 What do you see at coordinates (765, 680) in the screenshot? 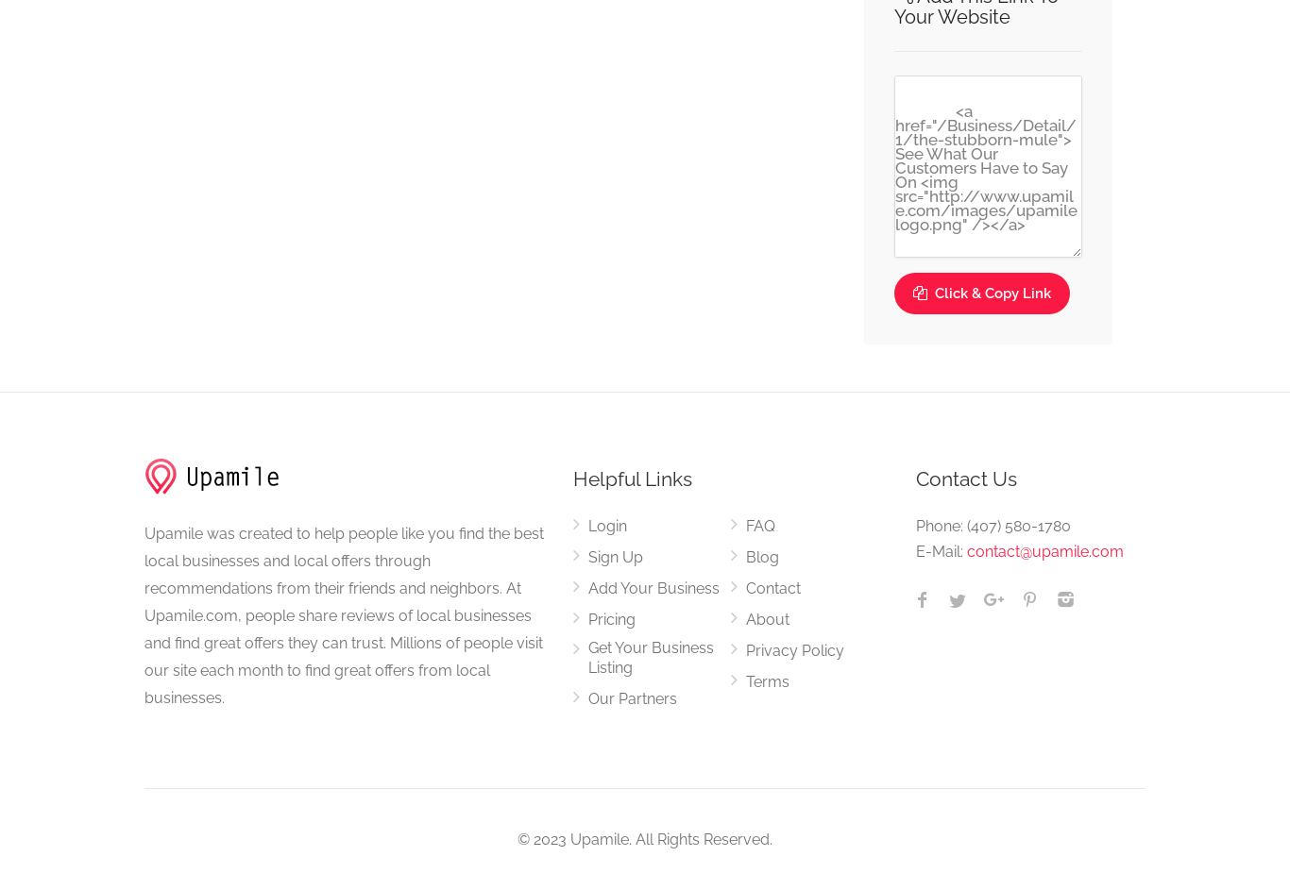
I see `'Terms'` at bounding box center [765, 680].